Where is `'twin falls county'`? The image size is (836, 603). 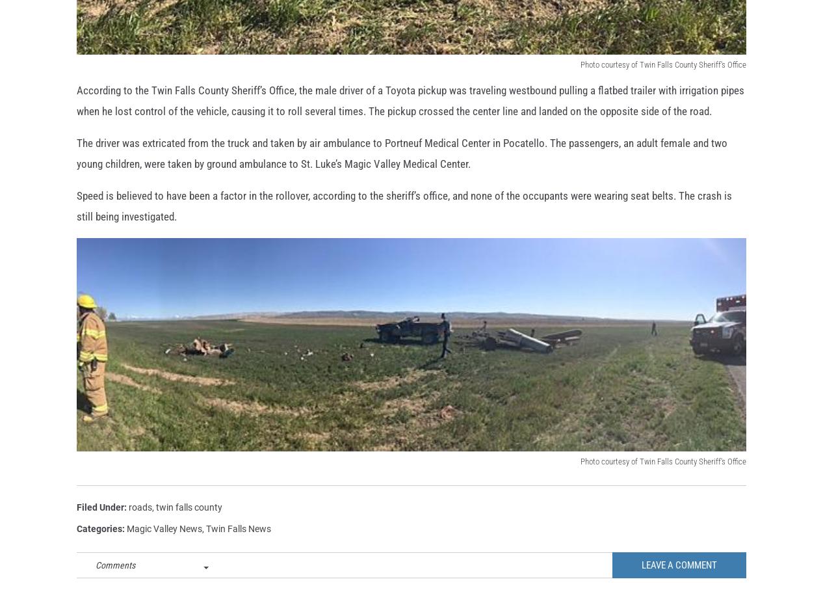 'twin falls county' is located at coordinates (155, 528).